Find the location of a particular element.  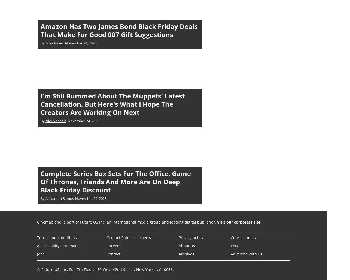

'I'm Still Bummed About The Muppets' Latest Cancellation, But Here's What I Hope The Creators Are Working On Next' is located at coordinates (112, 104).